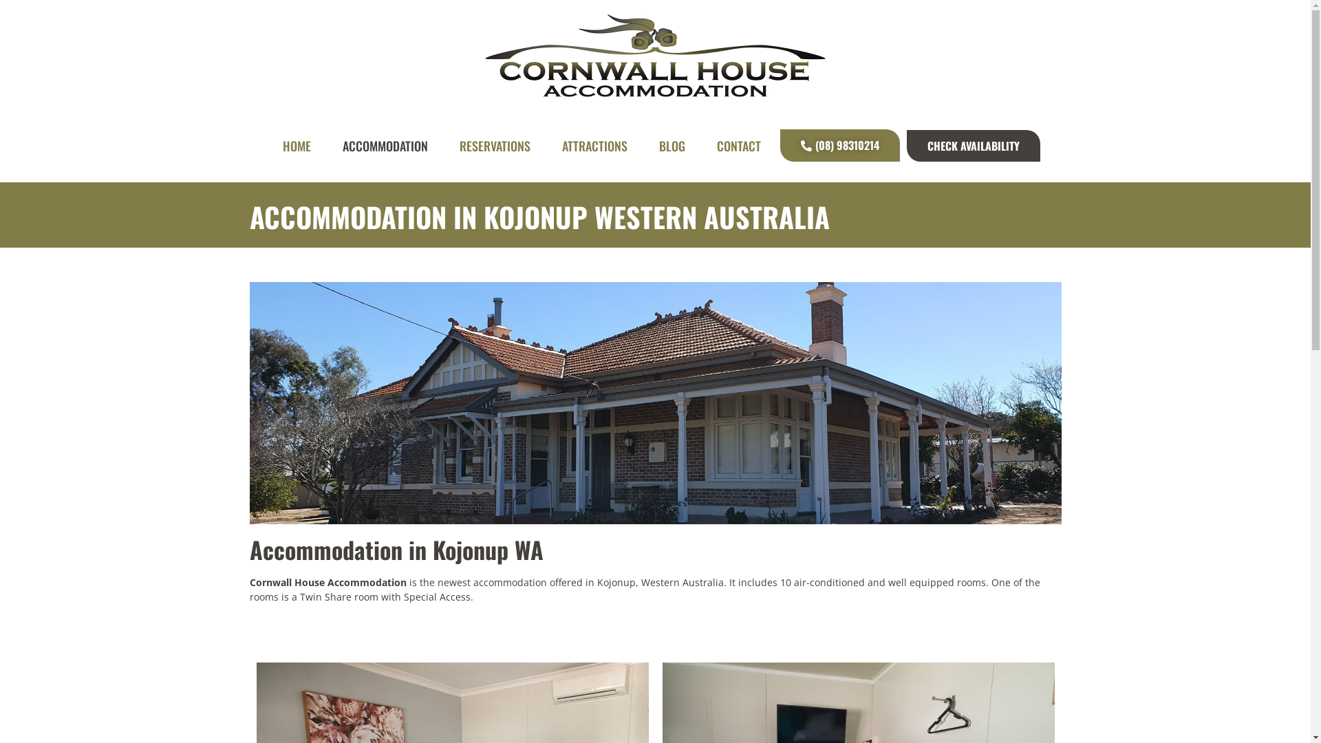 The width and height of the screenshot is (1321, 743). Describe the element at coordinates (385, 145) in the screenshot. I see `'ACCOMMODATION'` at that location.